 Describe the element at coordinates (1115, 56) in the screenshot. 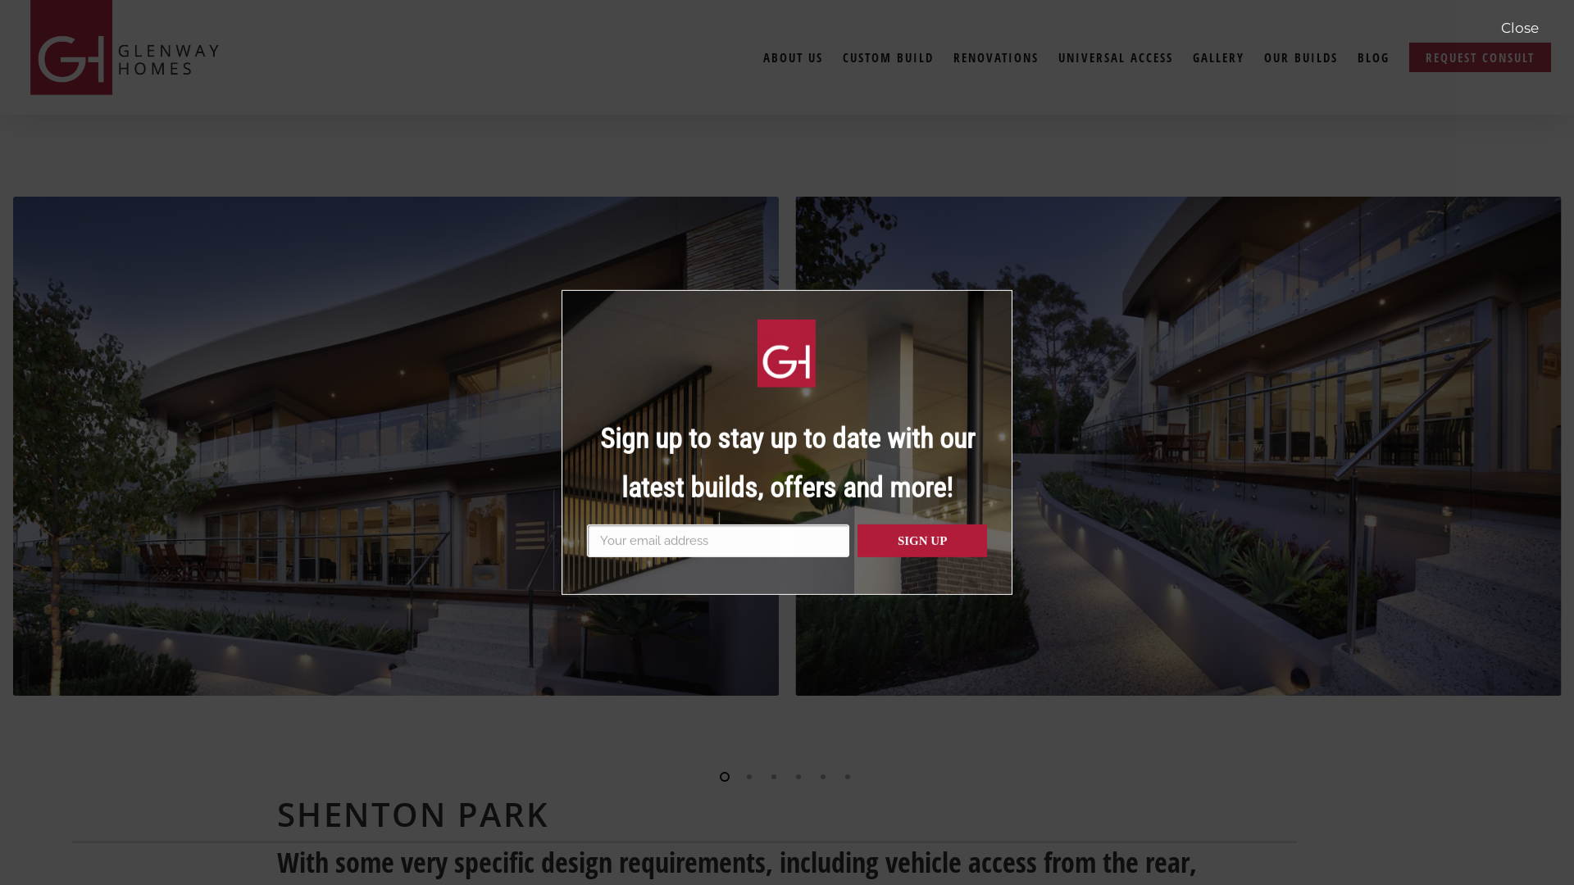

I see `'UNIVERSAL ACCESS'` at that location.